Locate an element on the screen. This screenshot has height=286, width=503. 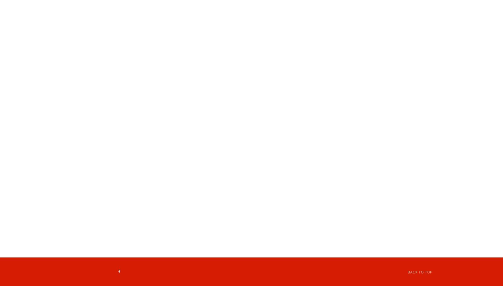
'Cup, plate, napkin, utensil set.  $0.85/per person' is located at coordinates (184, 151).